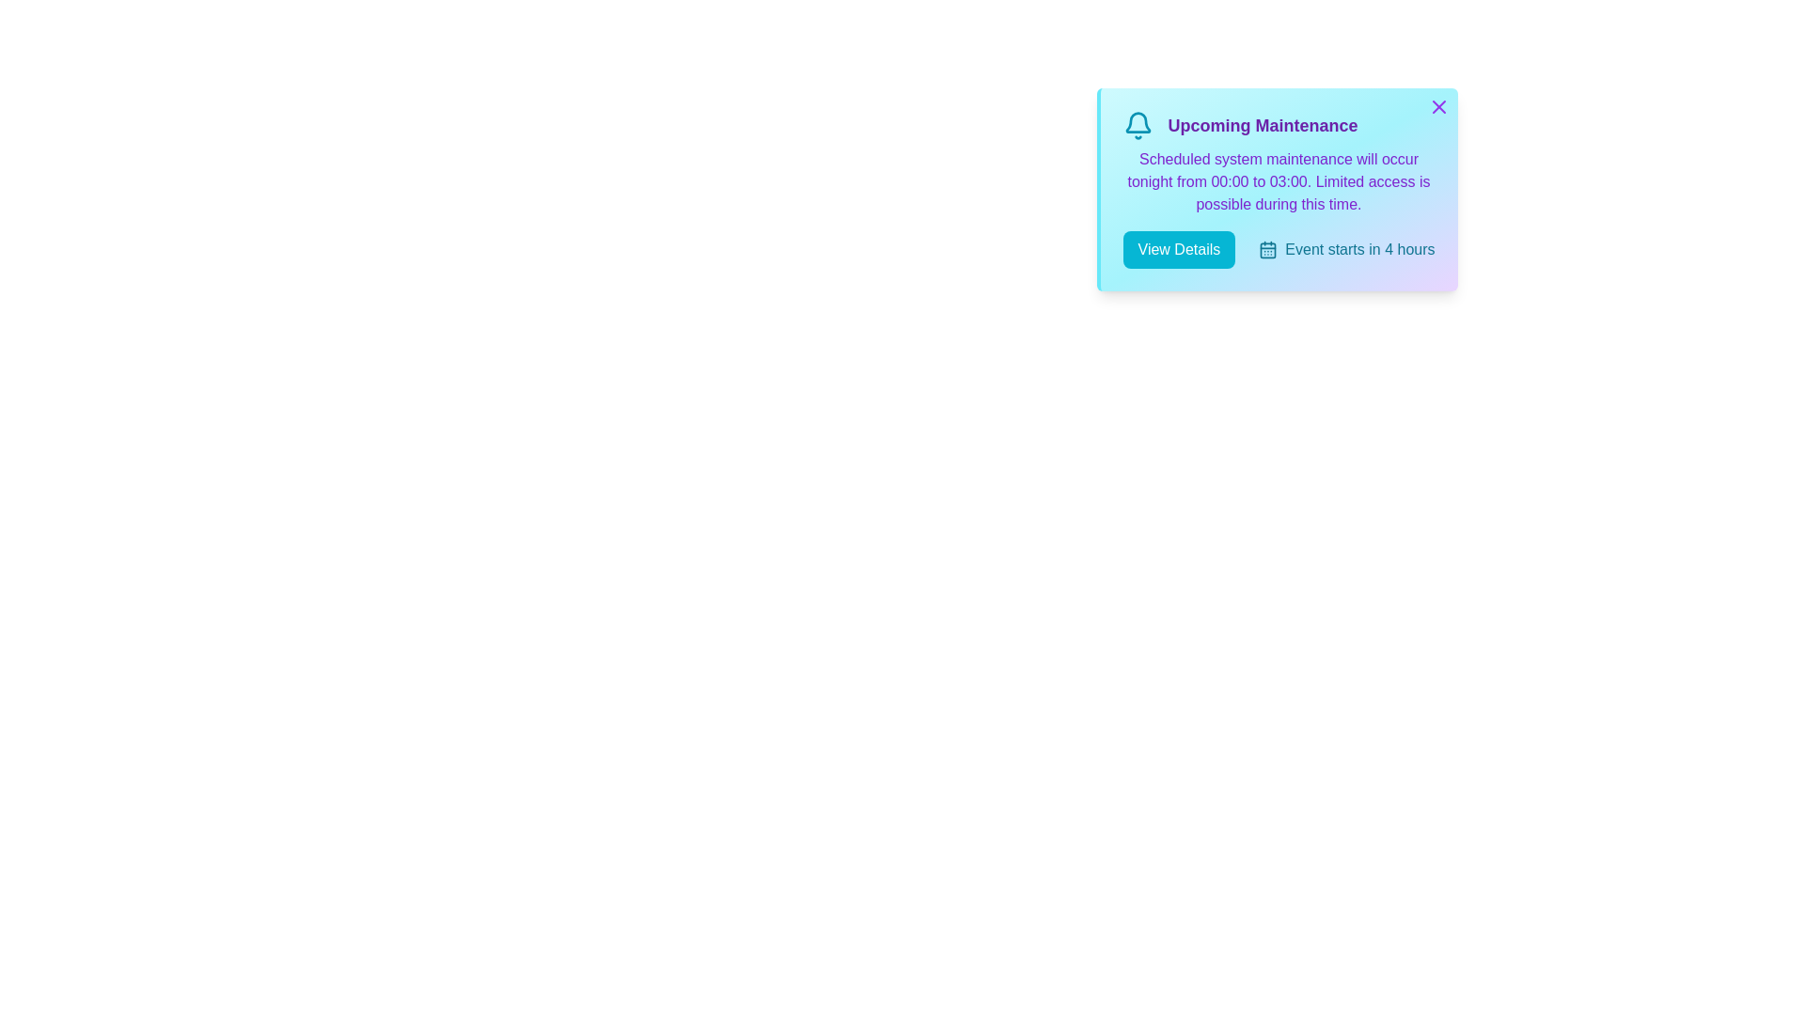  I want to click on close button on the notification to dismiss it, so click(1437, 107).